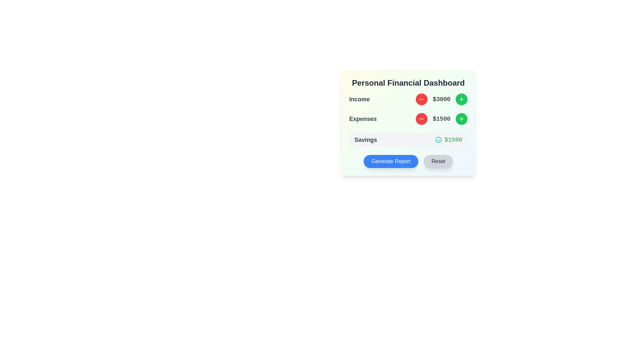  Describe the element at coordinates (461, 119) in the screenshot. I see `the increment button located to the right of the 'Expenses' label in the Personal Financial Dashboard to increase the corresponding value` at that location.